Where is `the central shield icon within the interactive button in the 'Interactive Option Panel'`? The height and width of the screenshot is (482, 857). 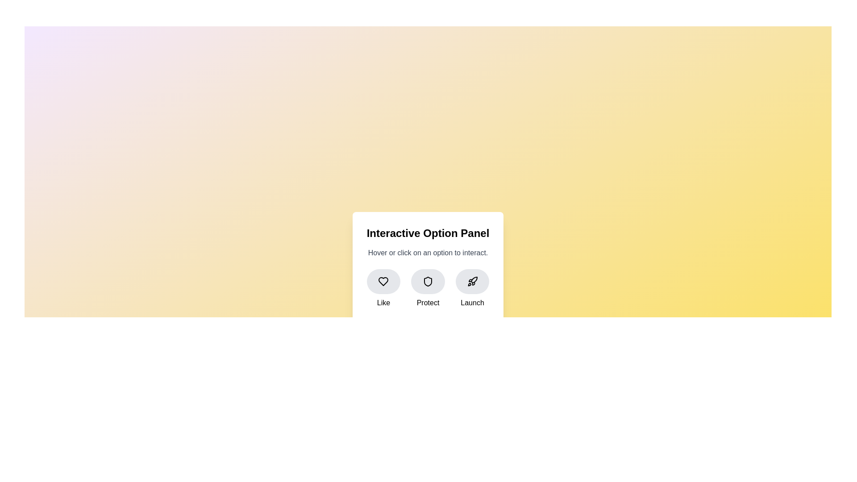
the central shield icon within the interactive button in the 'Interactive Option Panel' is located at coordinates (428, 282).